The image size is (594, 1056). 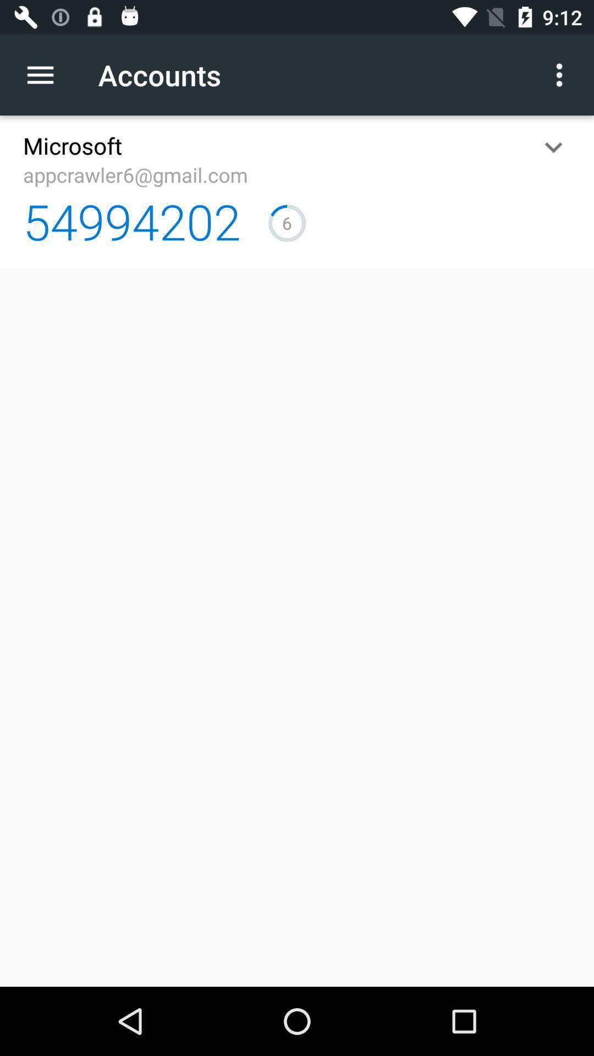 I want to click on icon next to the appcrawler6@gmail.com icon, so click(x=553, y=146).